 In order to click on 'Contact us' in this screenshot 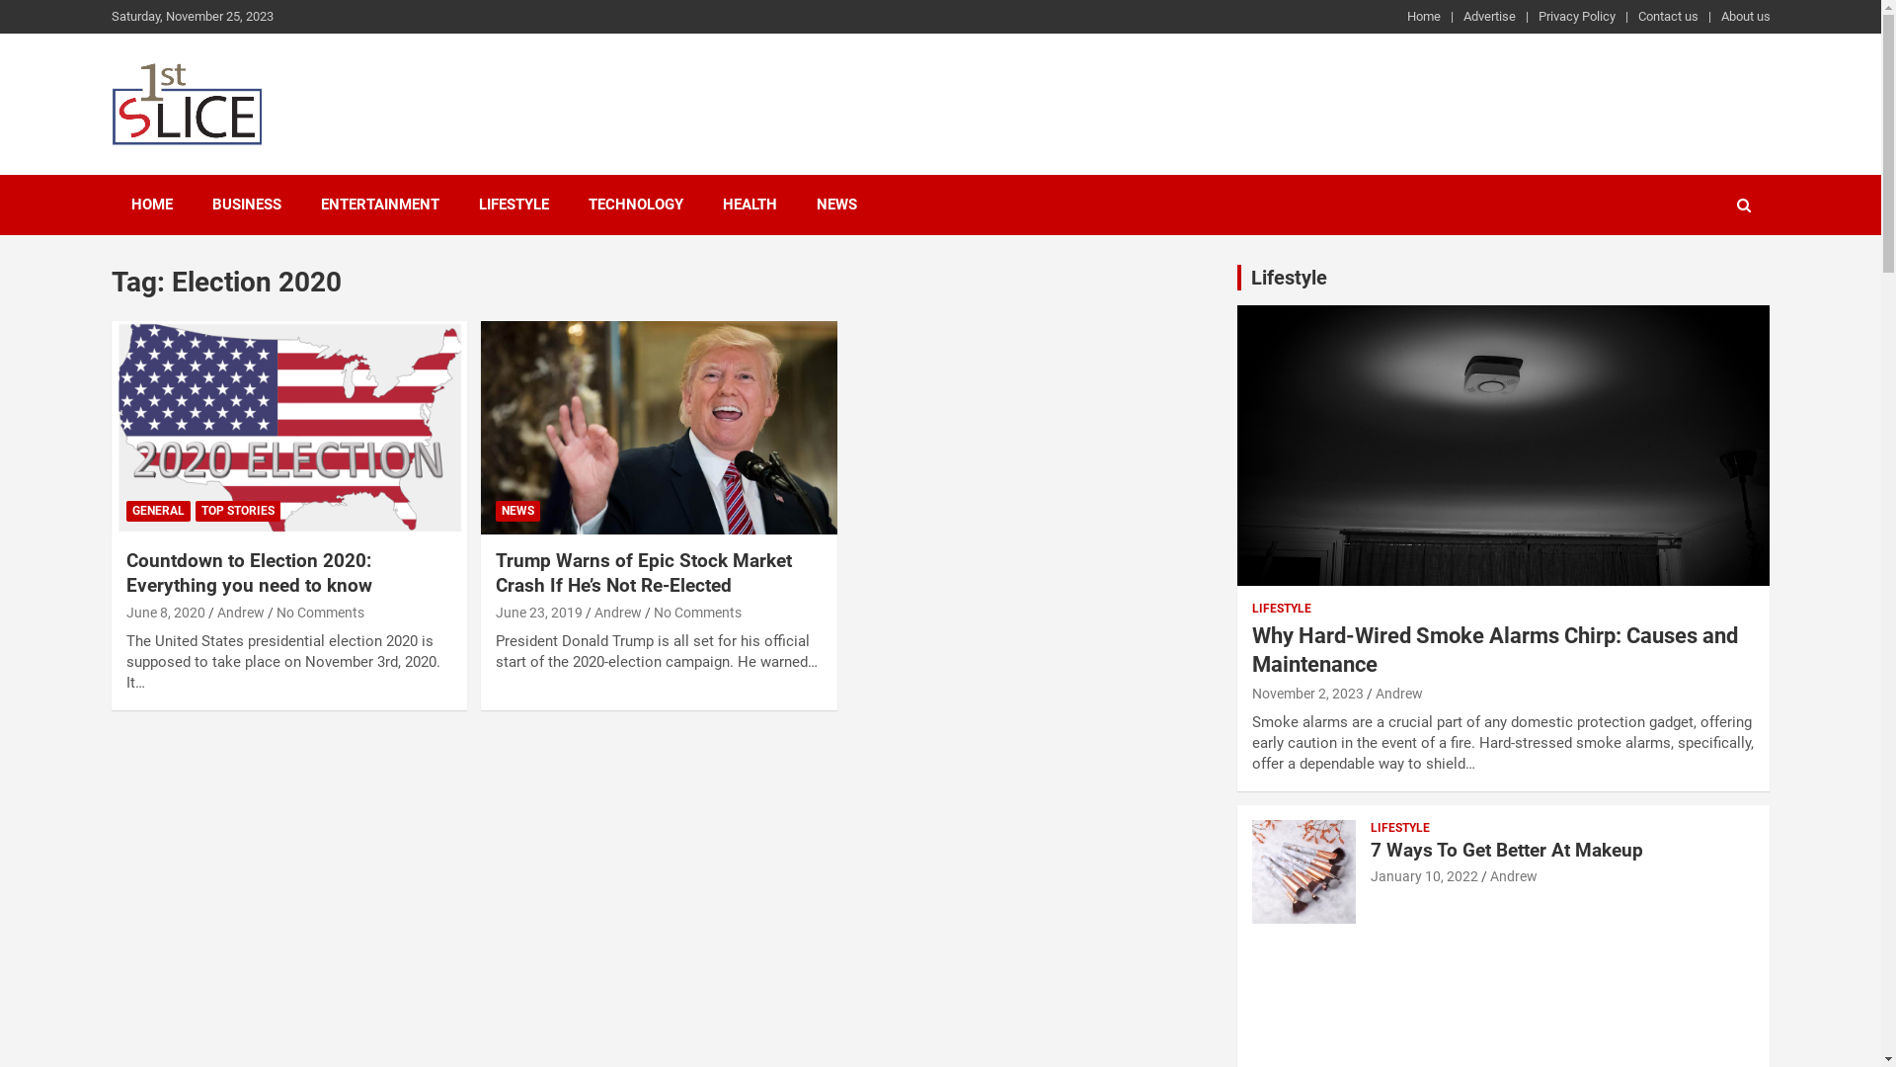, I will do `click(1666, 16)`.